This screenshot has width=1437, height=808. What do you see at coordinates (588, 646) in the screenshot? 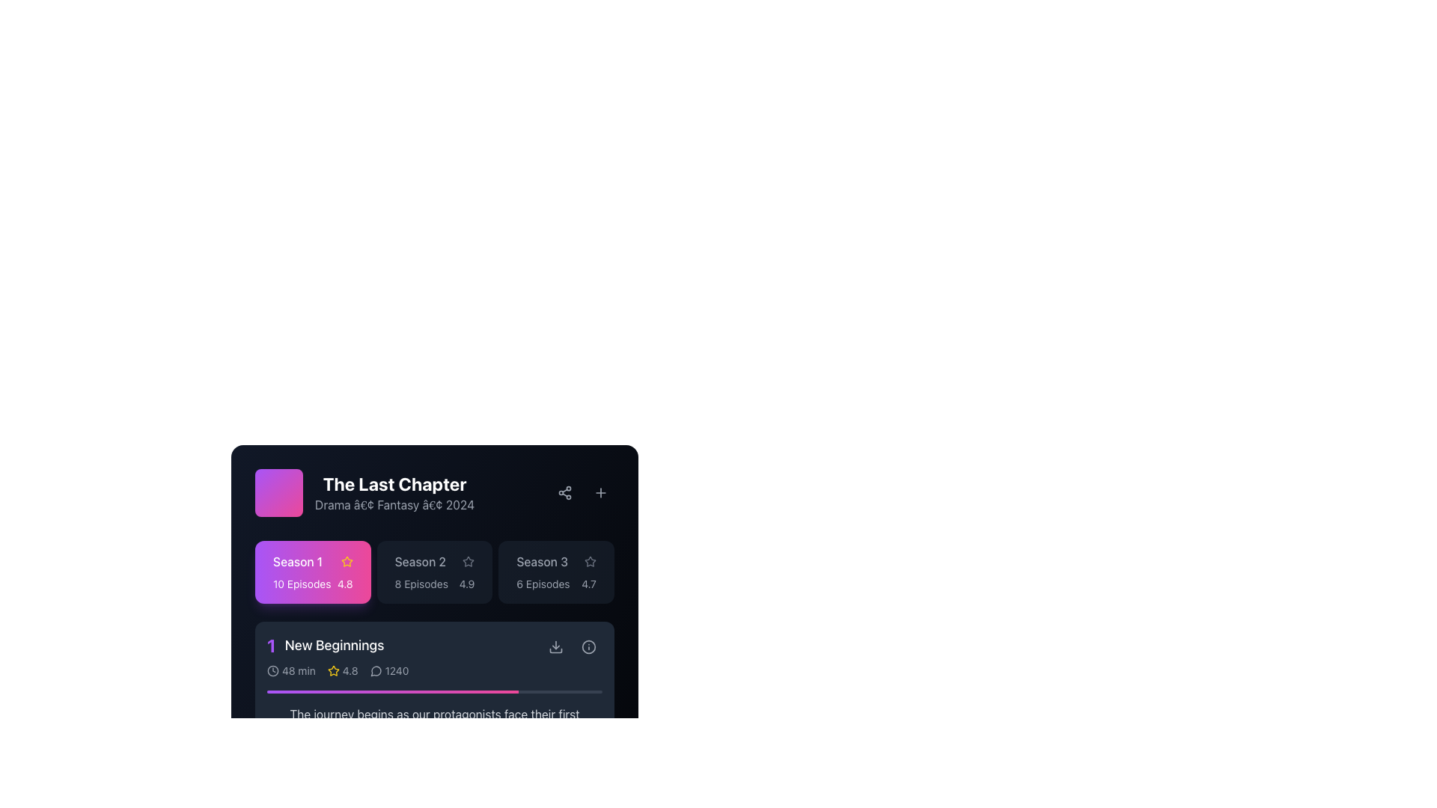
I see `icon border (circle) located at the bottom right of the card for accessibility features` at bounding box center [588, 646].